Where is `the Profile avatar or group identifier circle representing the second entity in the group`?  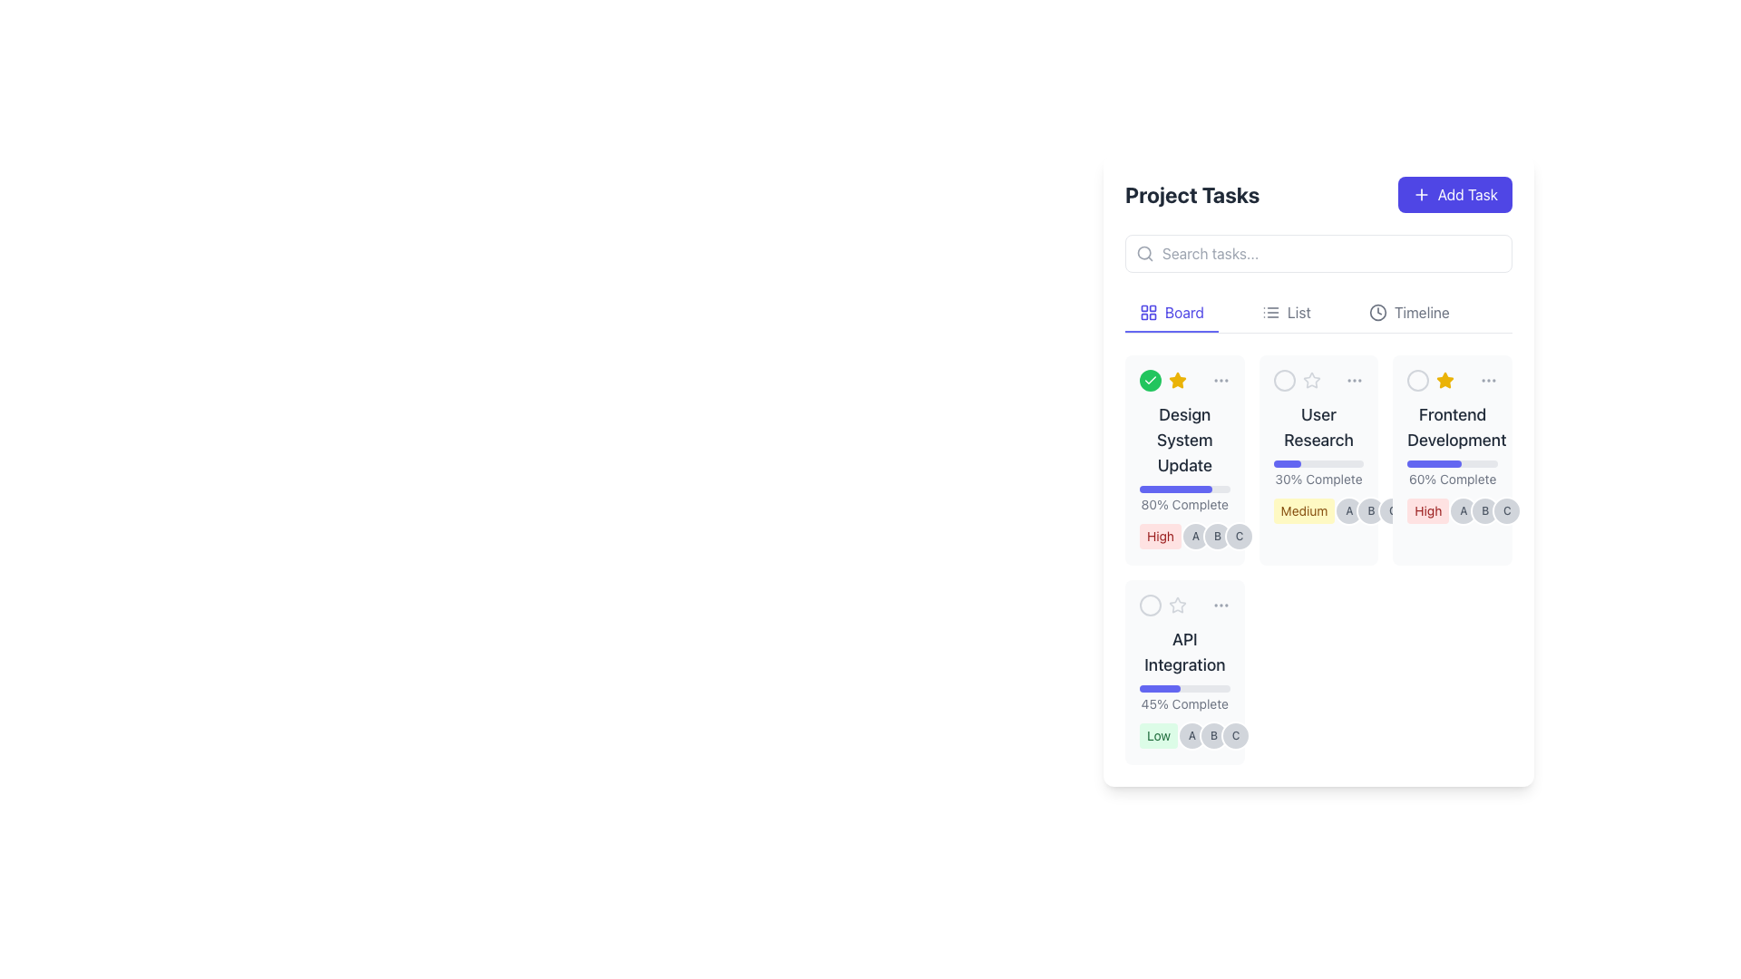 the Profile avatar or group identifier circle representing the second entity in the group is located at coordinates (1214, 736).